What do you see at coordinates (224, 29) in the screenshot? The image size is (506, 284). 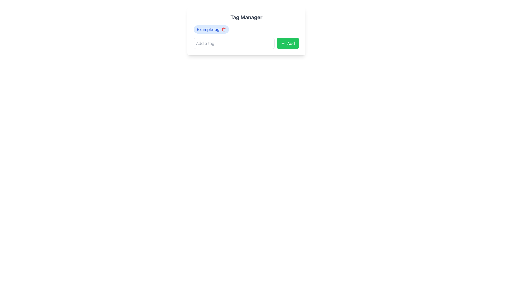 I see `the red trash icon button located next to the text 'ExampleTag'` at bounding box center [224, 29].